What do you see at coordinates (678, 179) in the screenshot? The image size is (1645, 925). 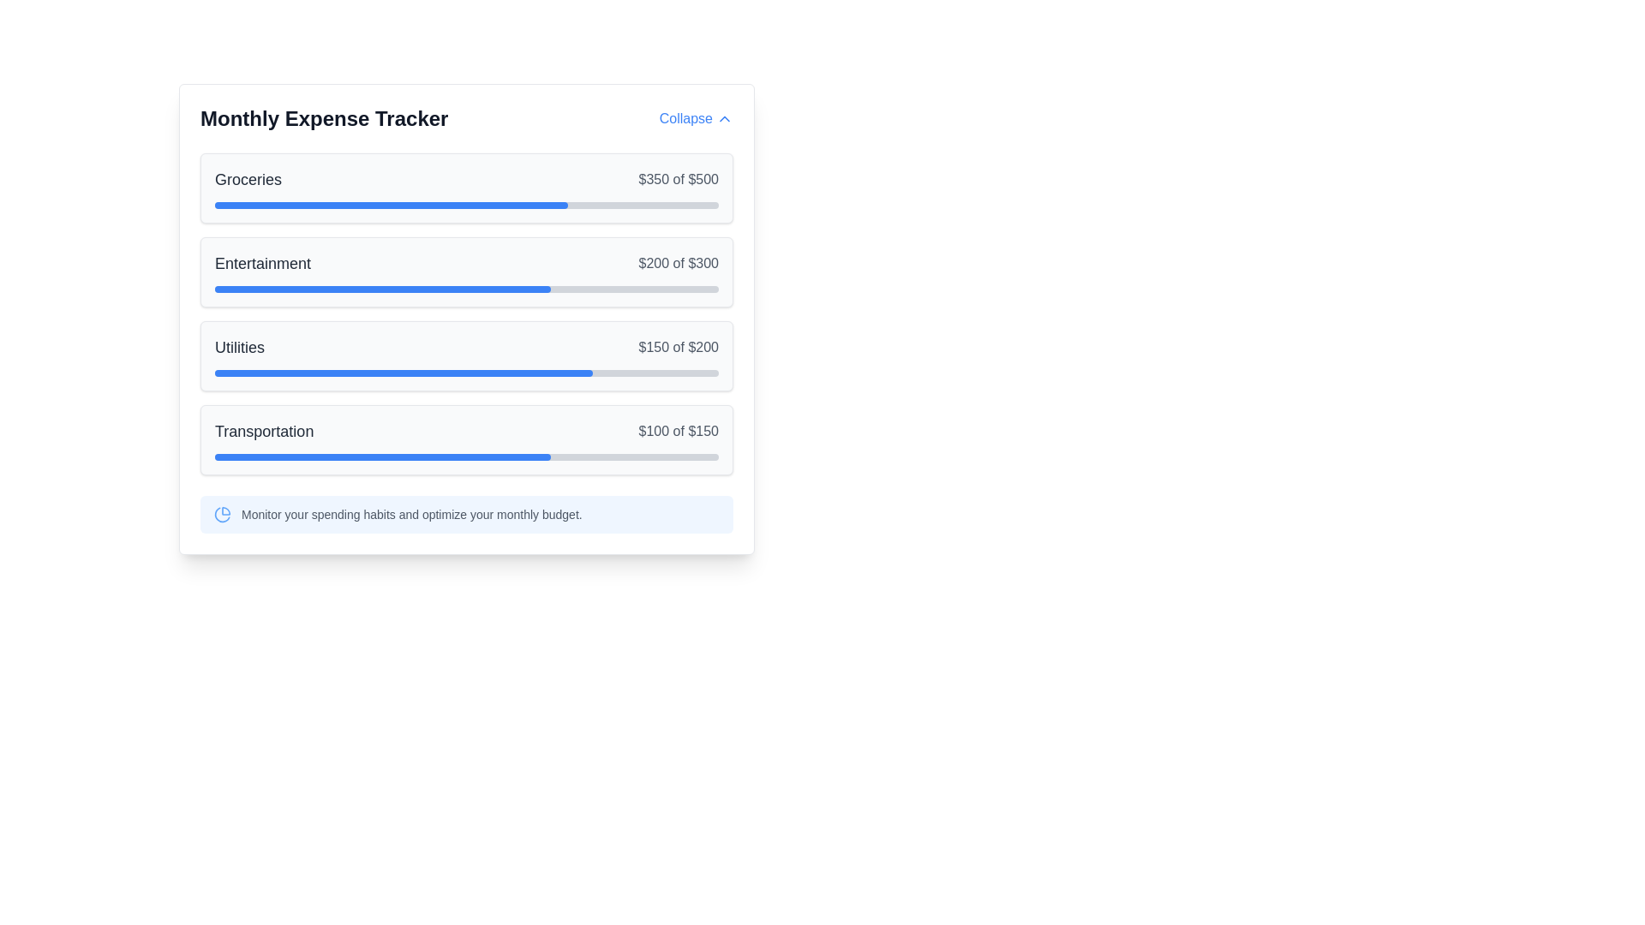 I see `the text display showing '$350 of $500' next to the 'Groceries' label in the expense tracker interface` at bounding box center [678, 179].